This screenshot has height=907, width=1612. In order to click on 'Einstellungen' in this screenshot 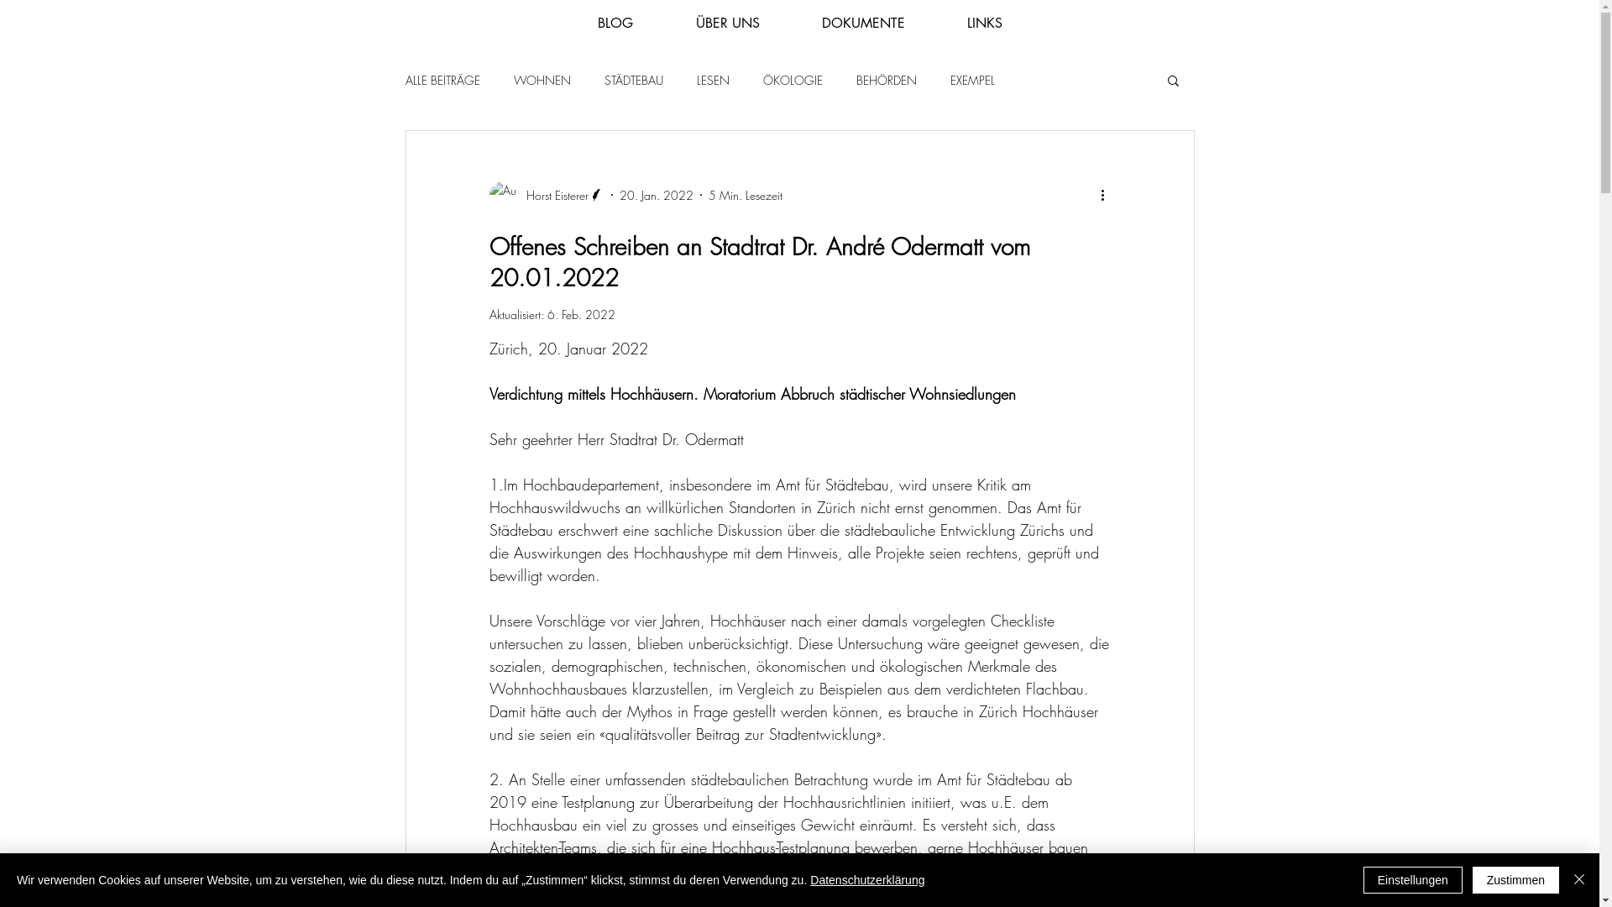, I will do `click(1412, 879)`.